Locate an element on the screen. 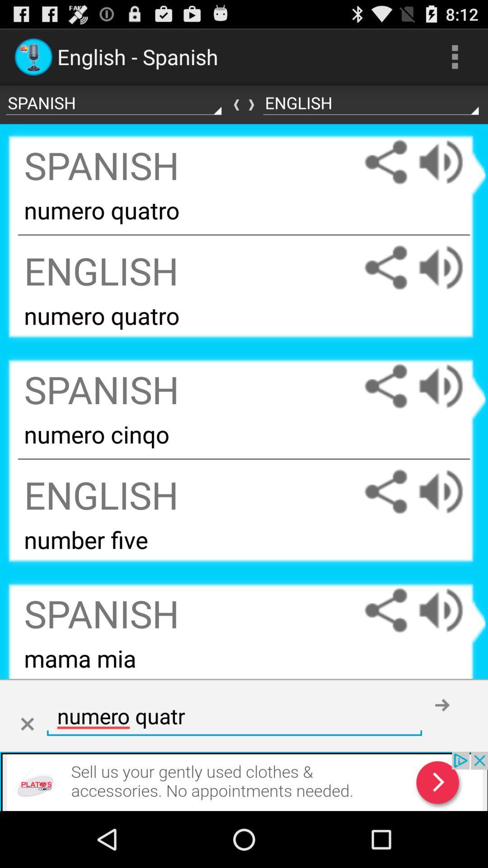 This screenshot has height=868, width=488. the close icon is located at coordinates (27, 774).